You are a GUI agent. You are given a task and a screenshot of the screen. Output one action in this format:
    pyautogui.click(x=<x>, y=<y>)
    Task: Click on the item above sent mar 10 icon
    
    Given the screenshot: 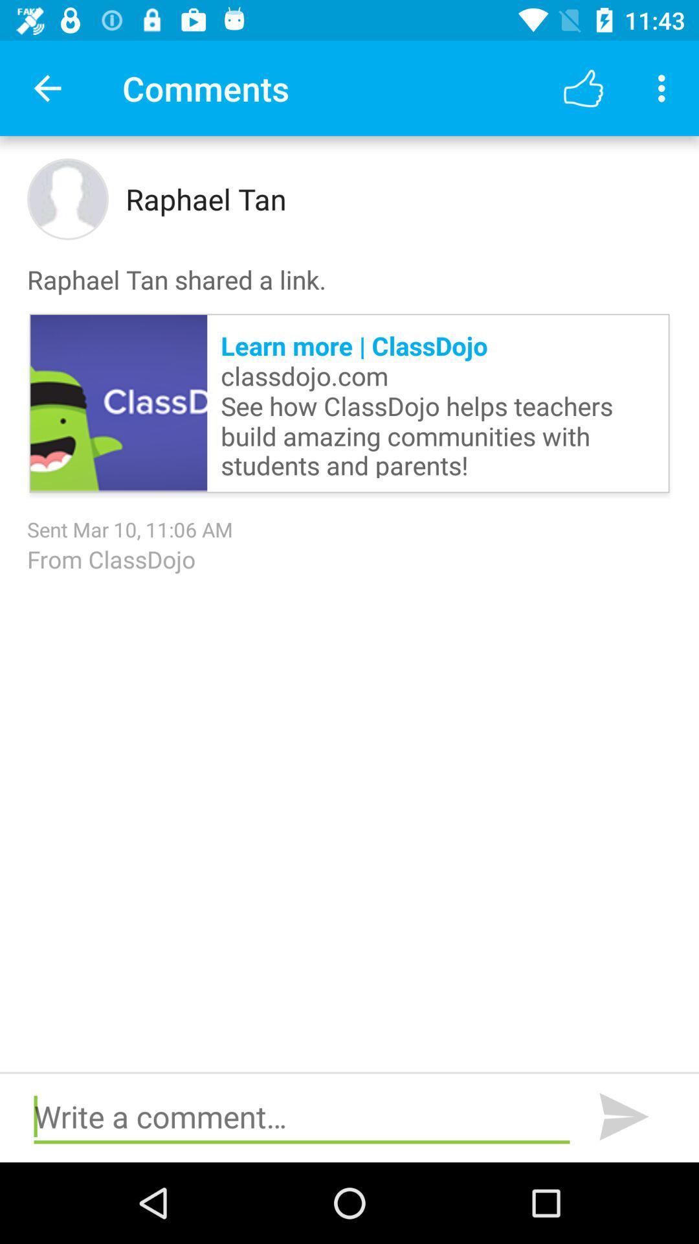 What is the action you would take?
    pyautogui.click(x=437, y=402)
    